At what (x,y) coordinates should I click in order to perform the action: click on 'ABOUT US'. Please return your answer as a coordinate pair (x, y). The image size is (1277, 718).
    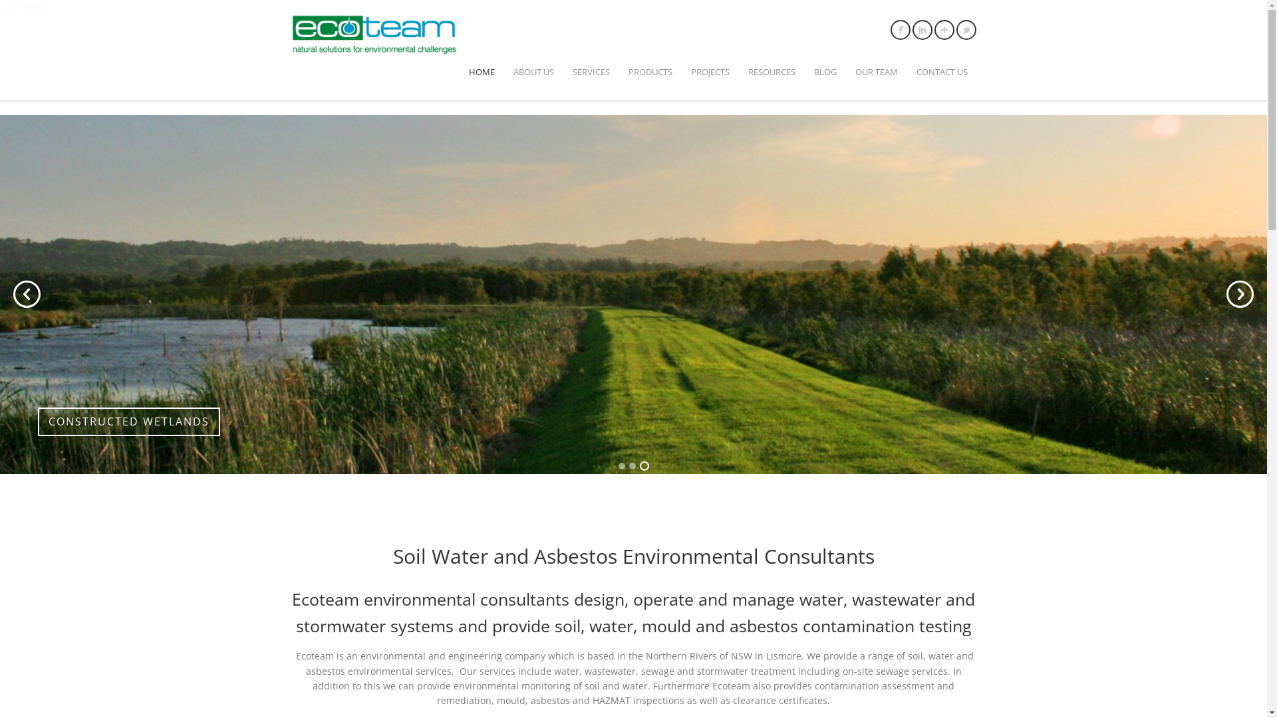
    Looking at the image, I should click on (533, 72).